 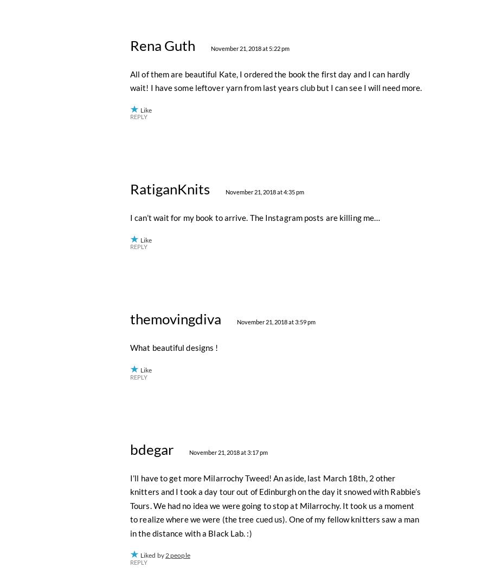 I want to click on 'Barb', so click(x=144, y=153).